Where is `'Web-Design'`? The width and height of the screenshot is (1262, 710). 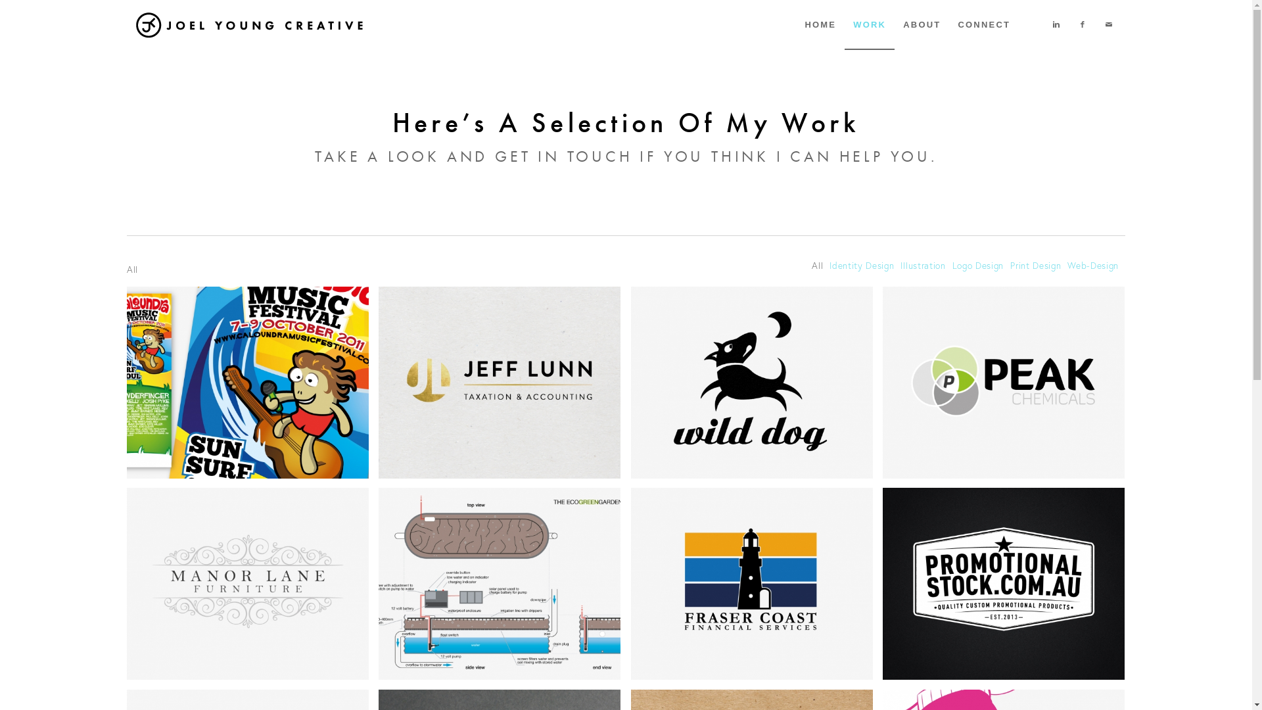 'Web-Design' is located at coordinates (1092, 266).